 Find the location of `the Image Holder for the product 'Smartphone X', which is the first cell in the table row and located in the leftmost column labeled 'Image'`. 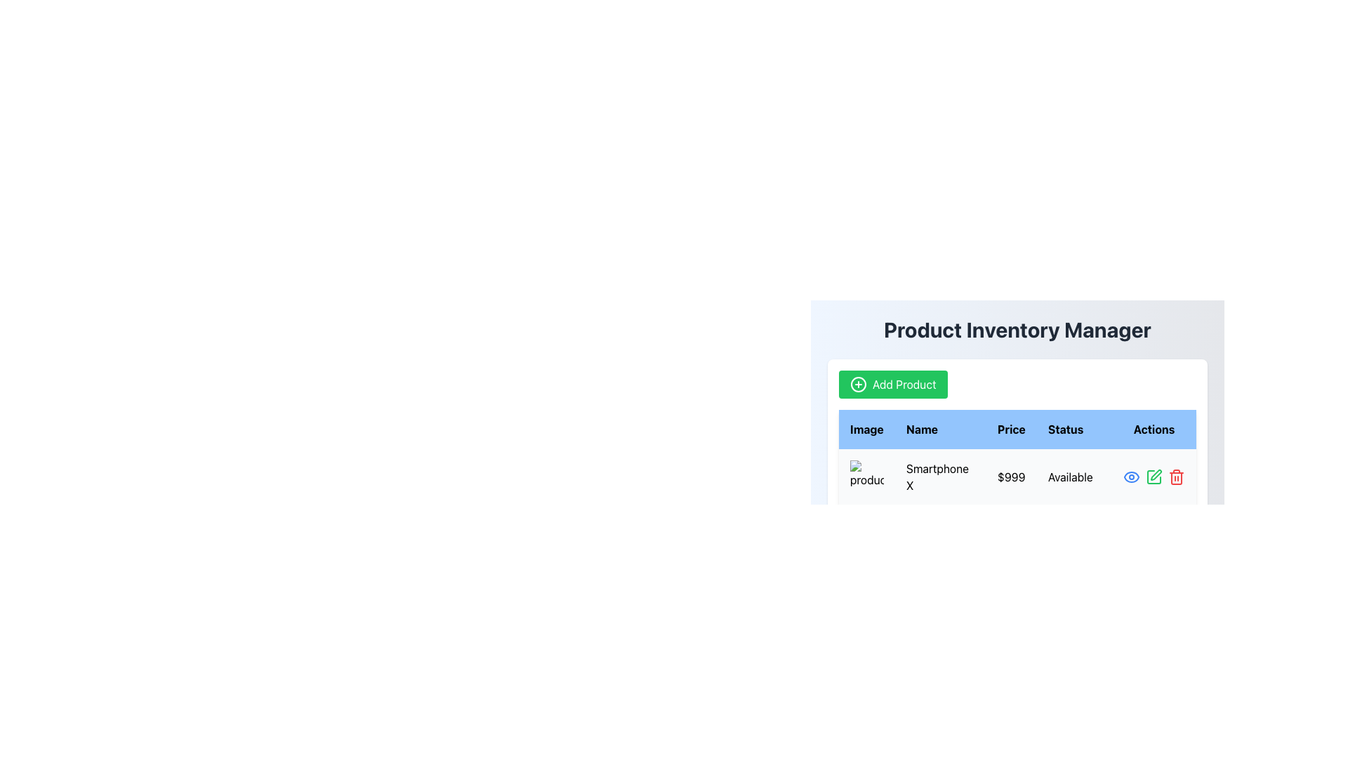

the Image Holder for the product 'Smartphone X', which is the first cell in the table row and located in the leftmost column labeled 'Image' is located at coordinates (866, 476).